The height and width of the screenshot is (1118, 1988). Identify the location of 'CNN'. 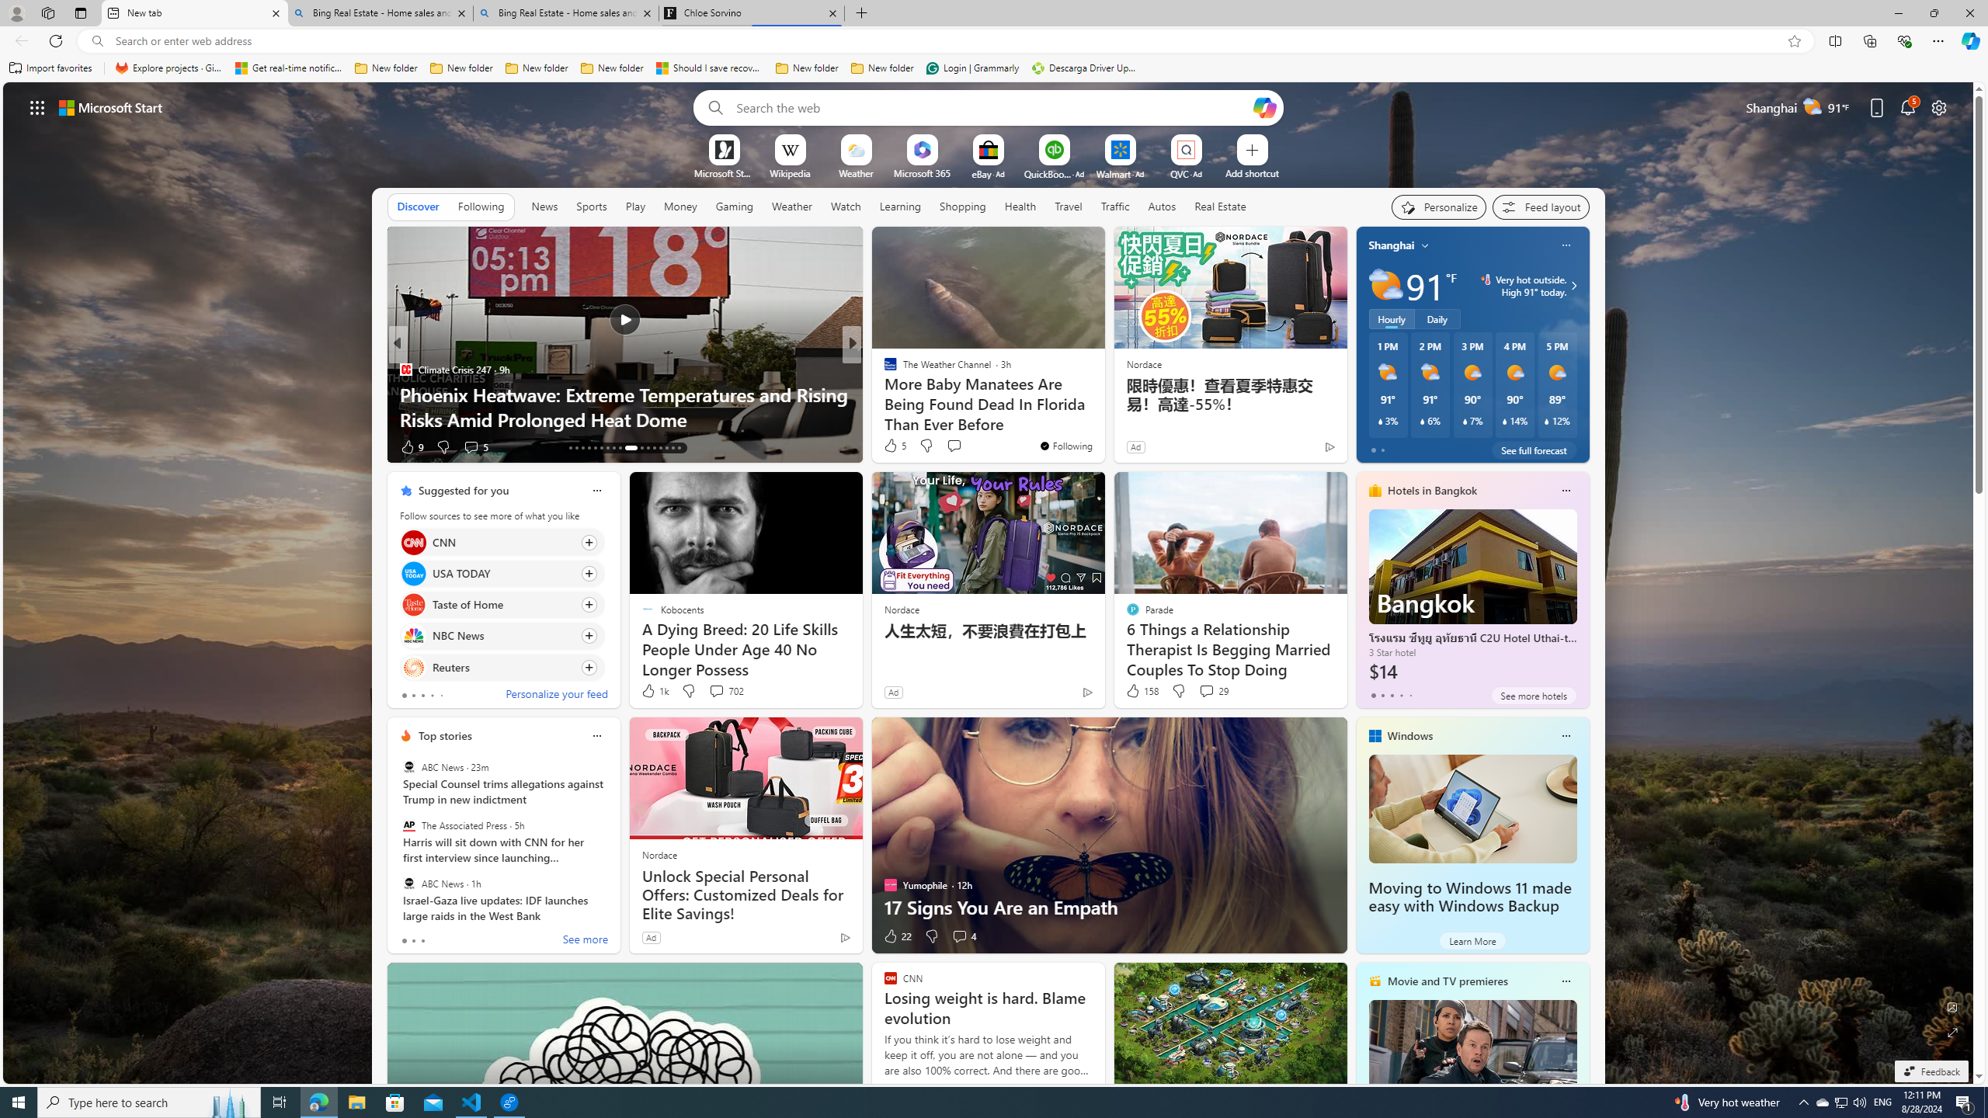
(412, 542).